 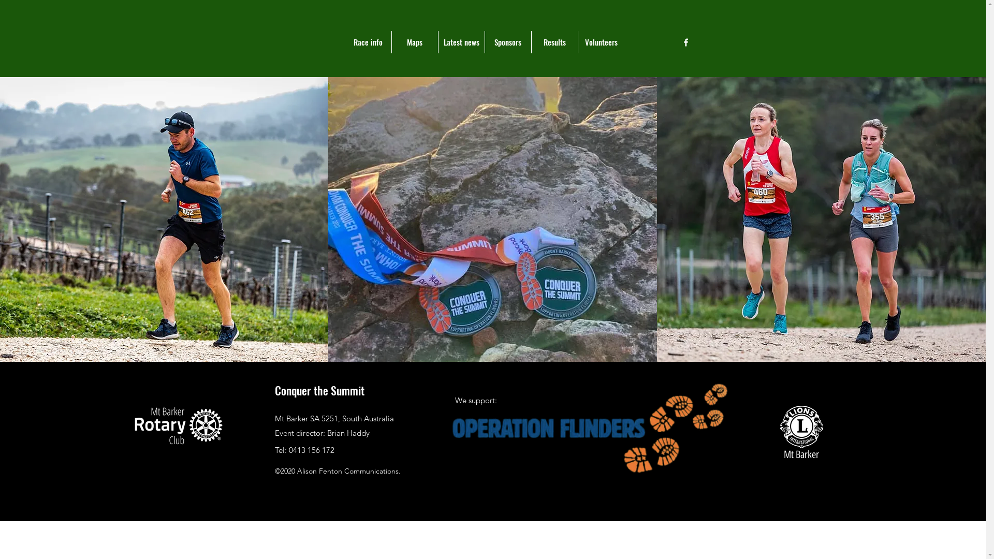 I want to click on 'Race info', so click(x=368, y=41).